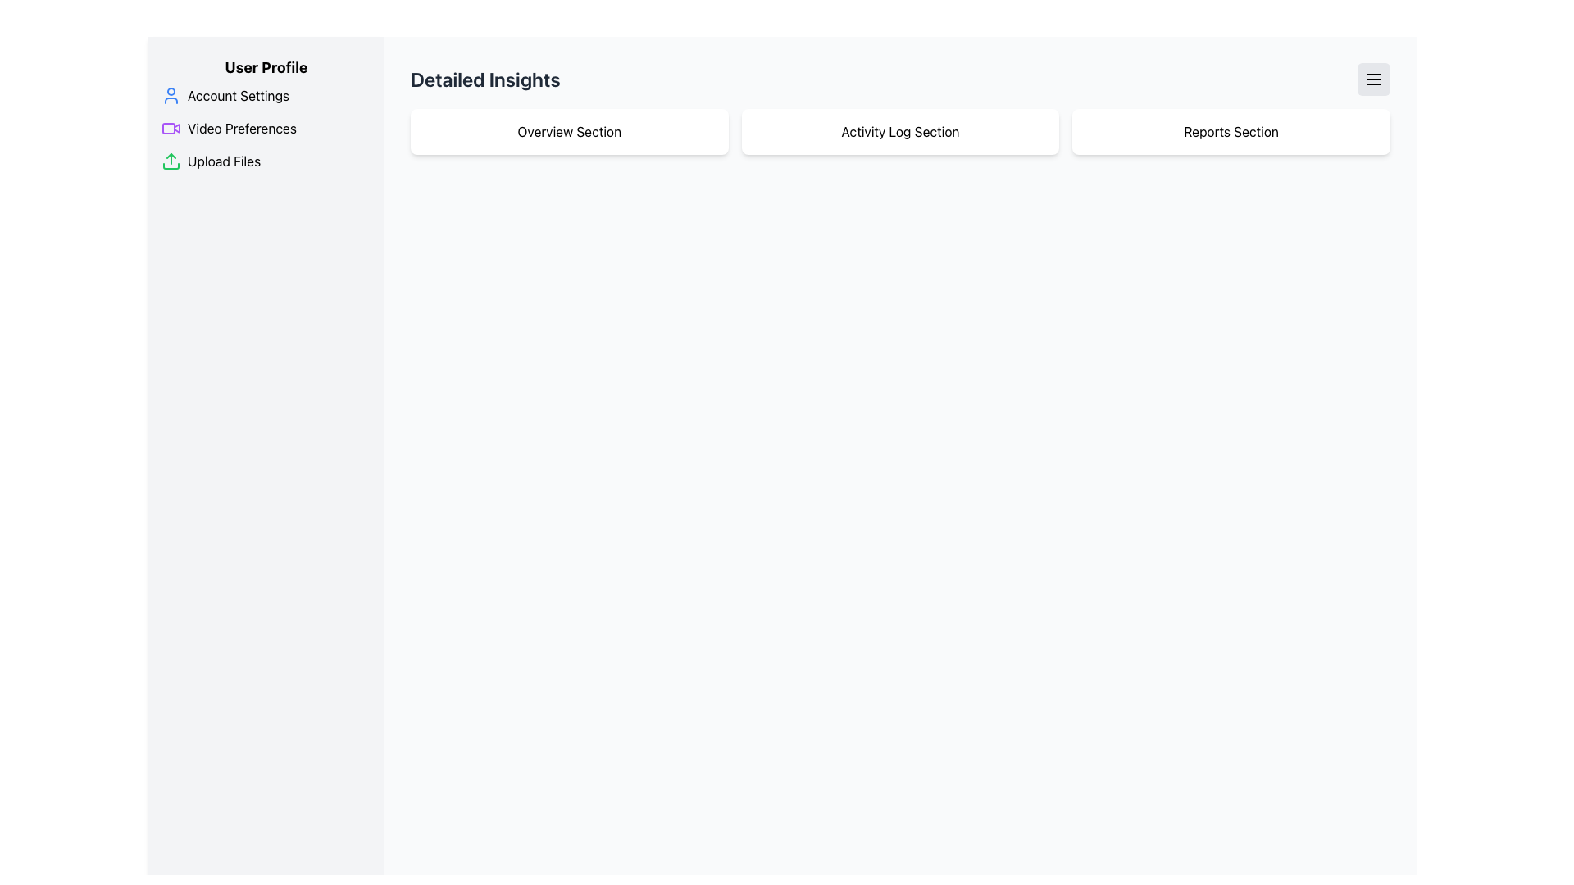 This screenshot has width=1574, height=885. Describe the element at coordinates (177, 126) in the screenshot. I see `the video camera icon represented by a triangular play button with a purple stroke in the left-hand navigation menu under 'Video Preferences'` at that location.